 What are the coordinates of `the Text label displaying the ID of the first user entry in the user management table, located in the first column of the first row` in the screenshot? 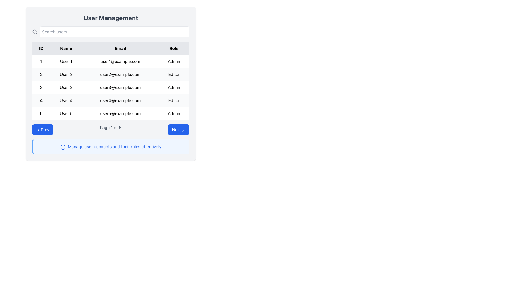 It's located at (41, 61).